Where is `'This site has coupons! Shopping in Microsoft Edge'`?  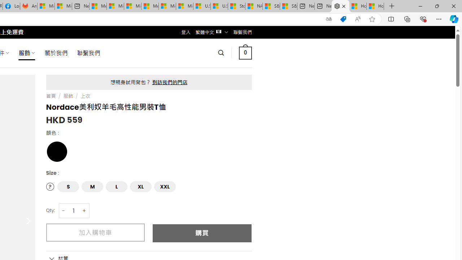
'This site has coupons! Shopping in Microsoft Edge' is located at coordinates (343, 19).